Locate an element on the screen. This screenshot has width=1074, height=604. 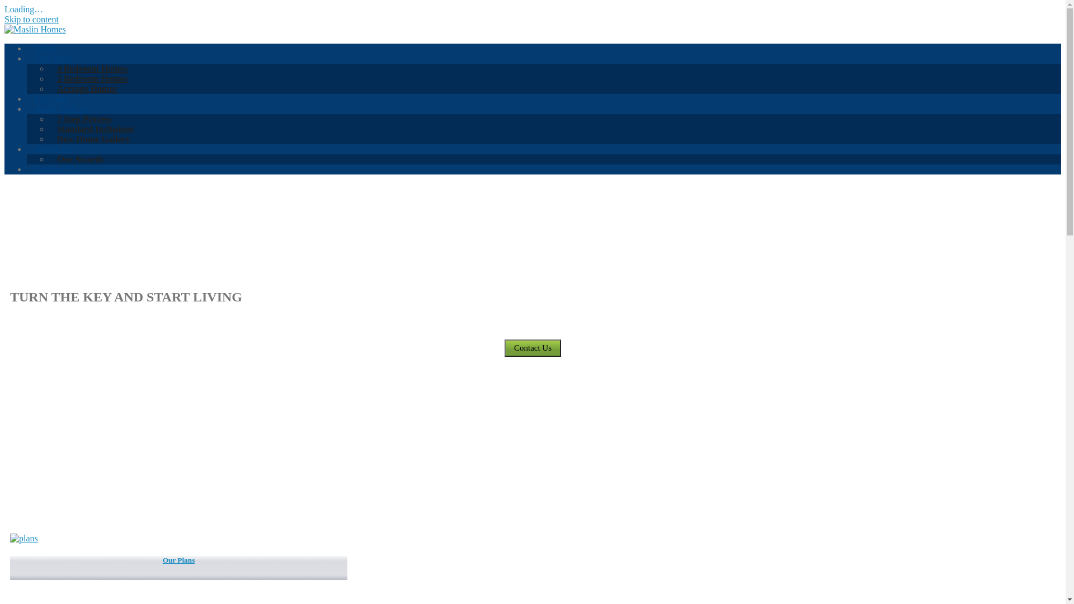
'New Home Gallery' is located at coordinates (93, 138).